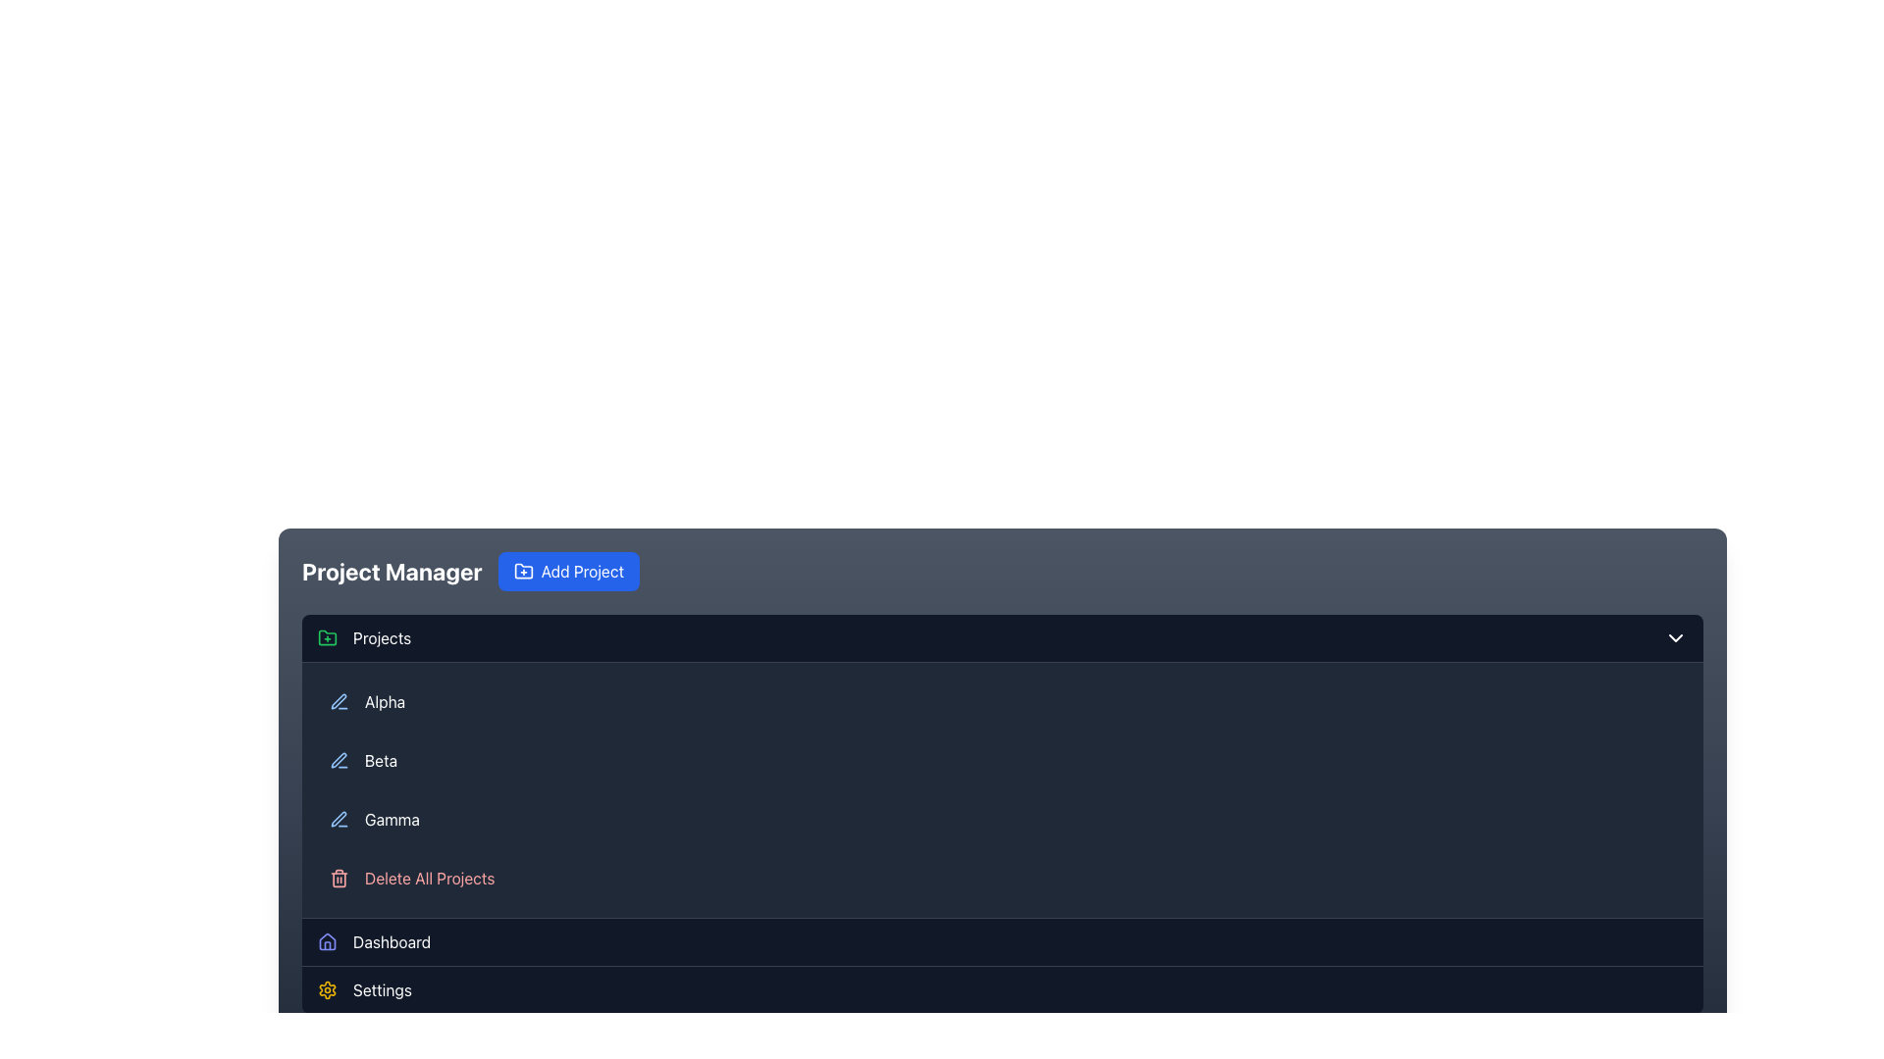 This screenshot has height=1059, width=1884. I want to click on the 'Beta' button located in the second position of the vertical list under the 'Projects' section, so click(1003, 759).